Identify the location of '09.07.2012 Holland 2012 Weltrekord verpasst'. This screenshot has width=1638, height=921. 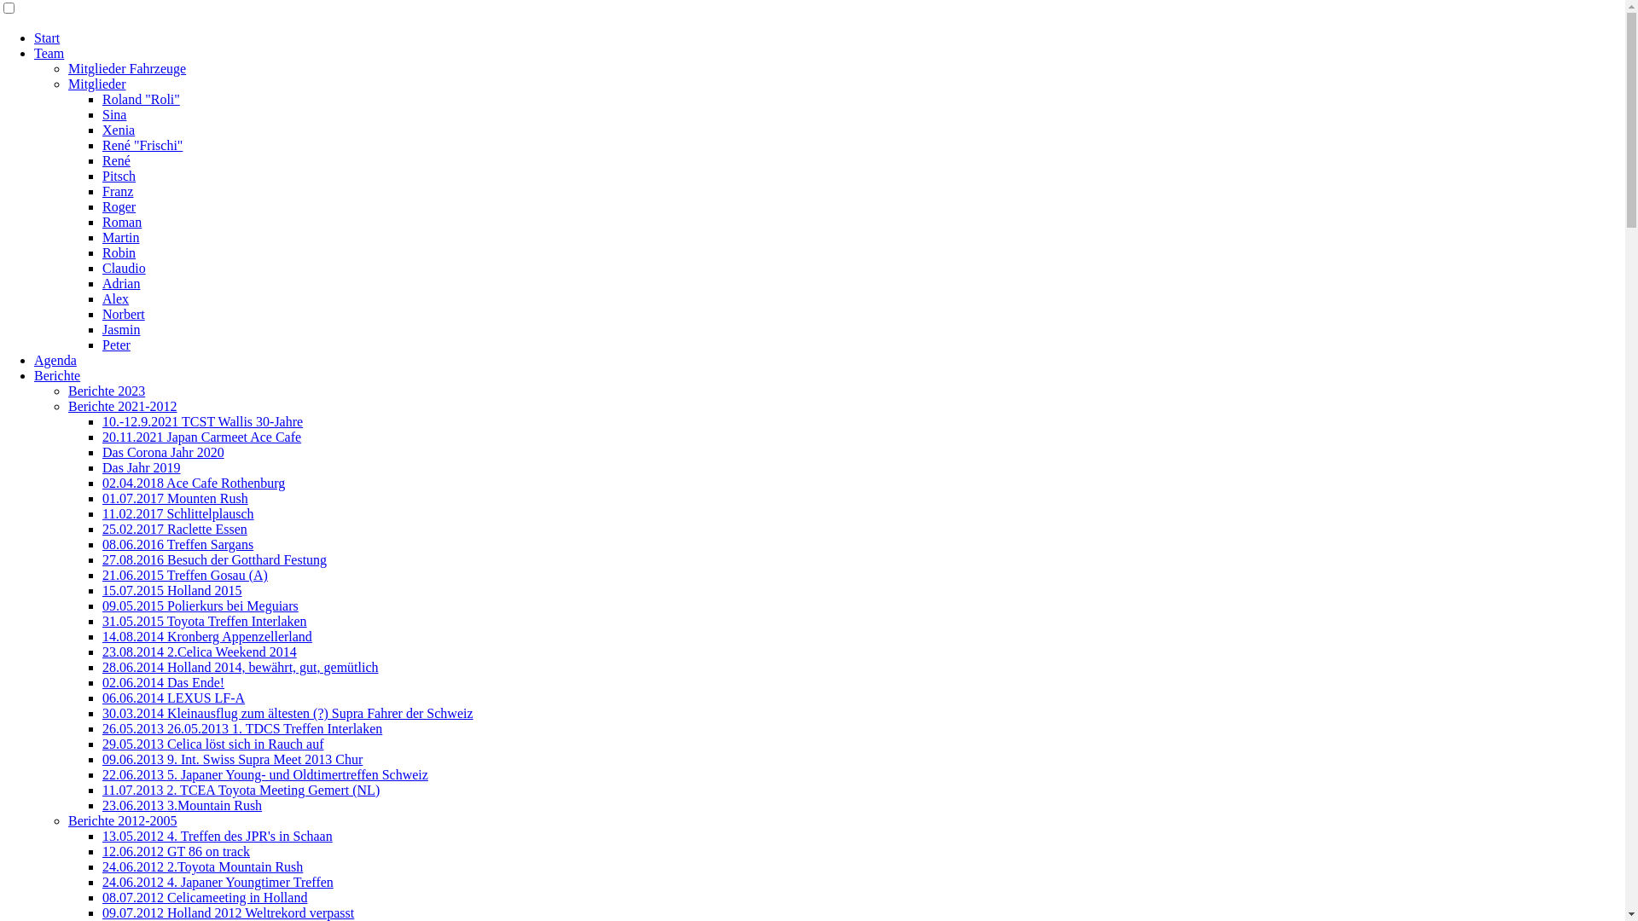
(227, 912).